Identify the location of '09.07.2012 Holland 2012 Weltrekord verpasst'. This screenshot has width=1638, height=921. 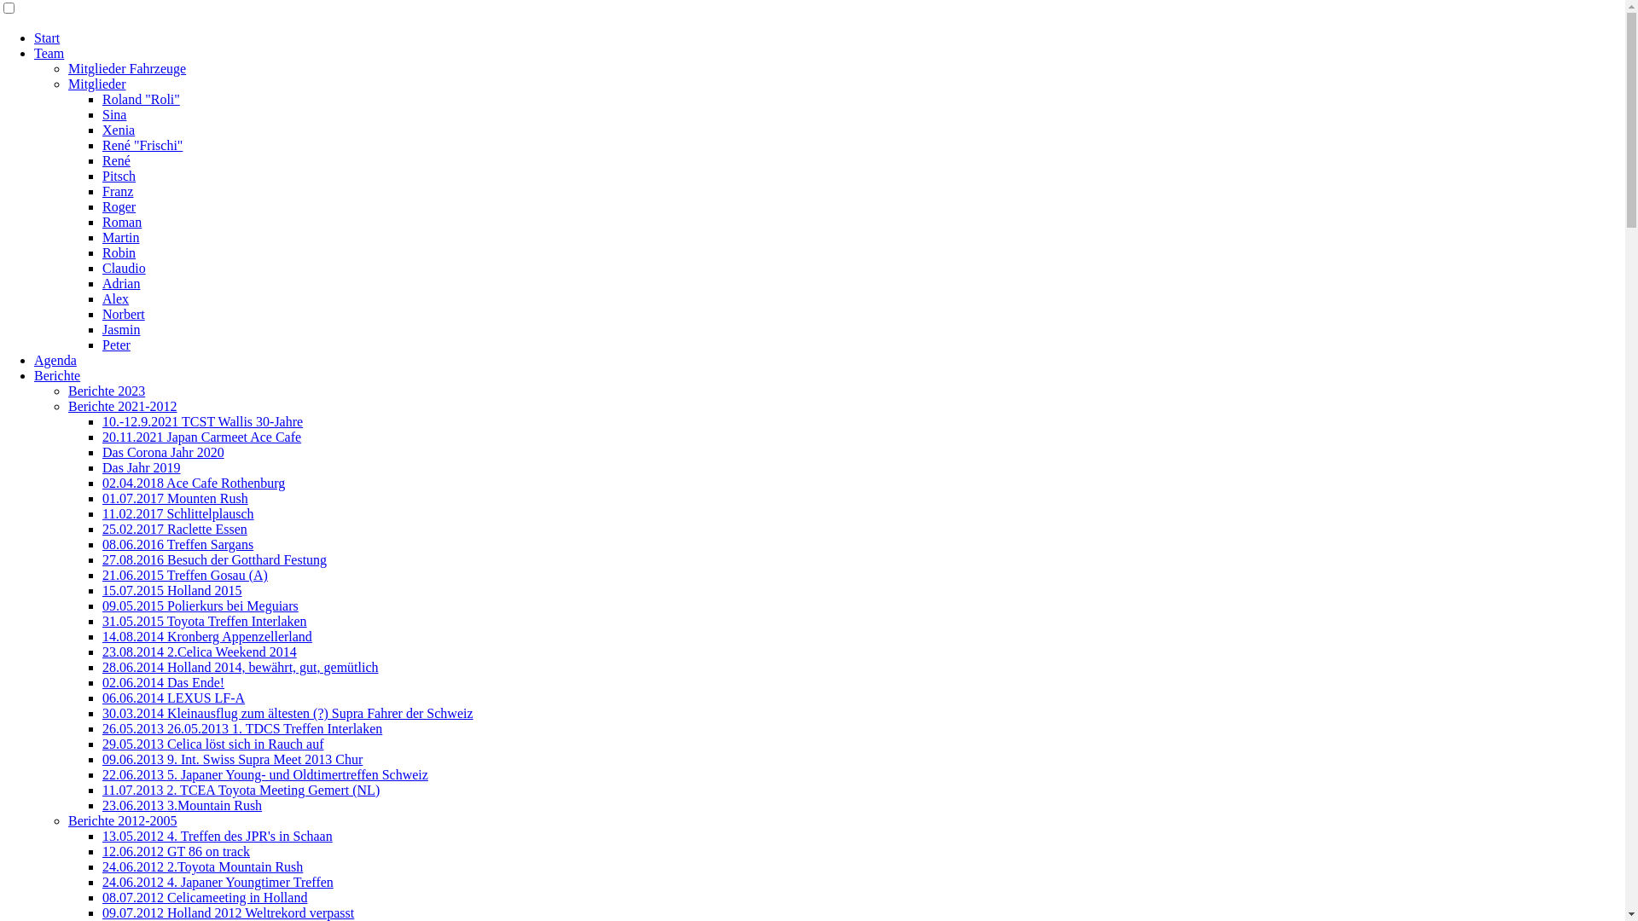
(227, 912).